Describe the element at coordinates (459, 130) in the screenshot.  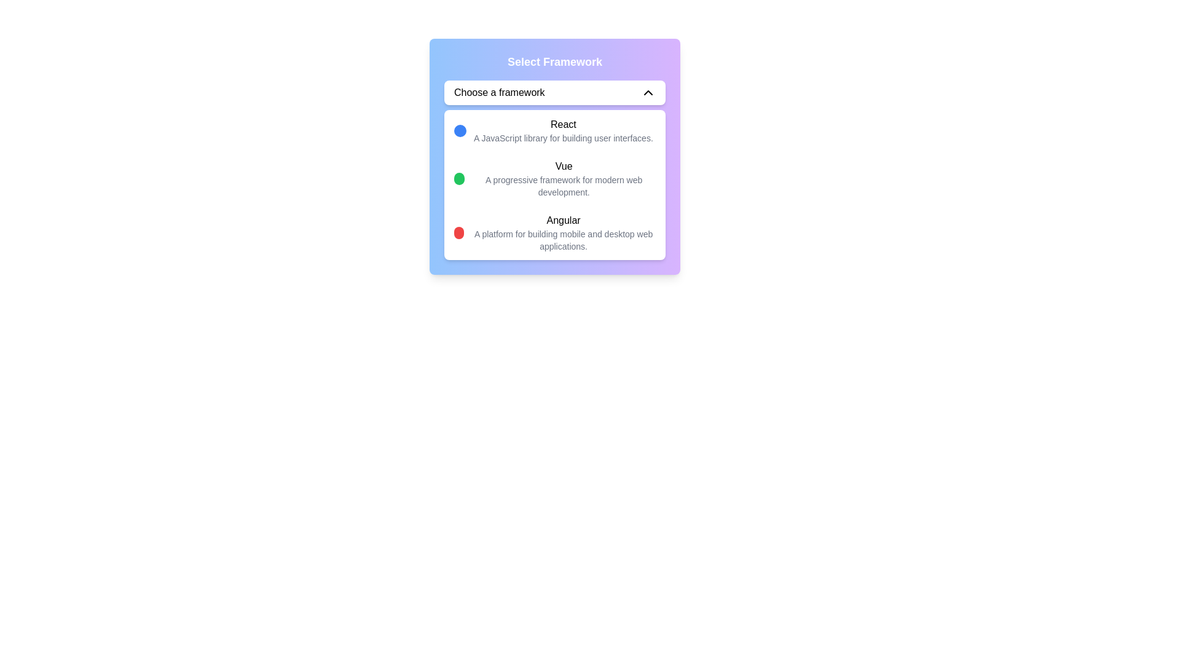
I see `the first circular visual indicator in the 'Select Framework' dropdown, which is aligned left of the 'React' header and description text` at that location.